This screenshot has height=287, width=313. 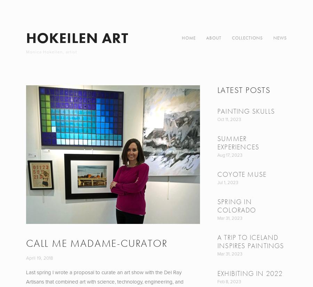 I want to click on 'Oct 11, 2023', so click(x=229, y=119).